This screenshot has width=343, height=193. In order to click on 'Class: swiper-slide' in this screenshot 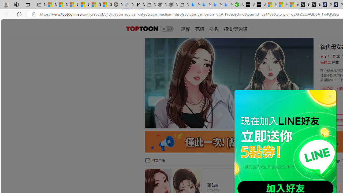, I will do `click(229, 83)`.